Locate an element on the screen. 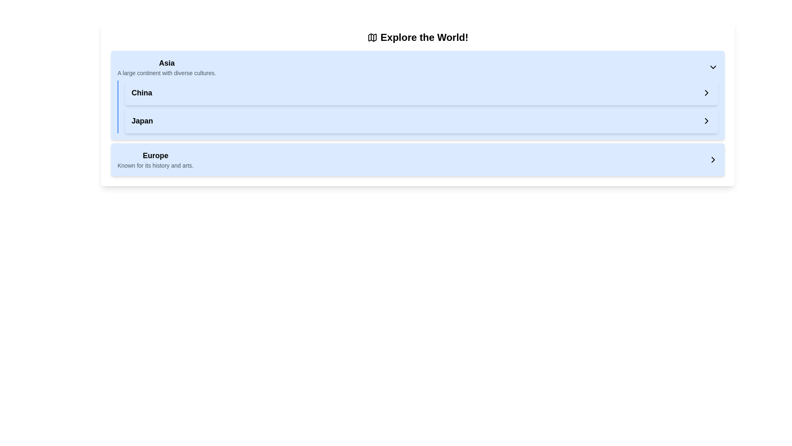 The image size is (792, 446). the Text Header with Icon that reads 'Explore the World!' and includes a map icon on its left side is located at coordinates (417, 38).